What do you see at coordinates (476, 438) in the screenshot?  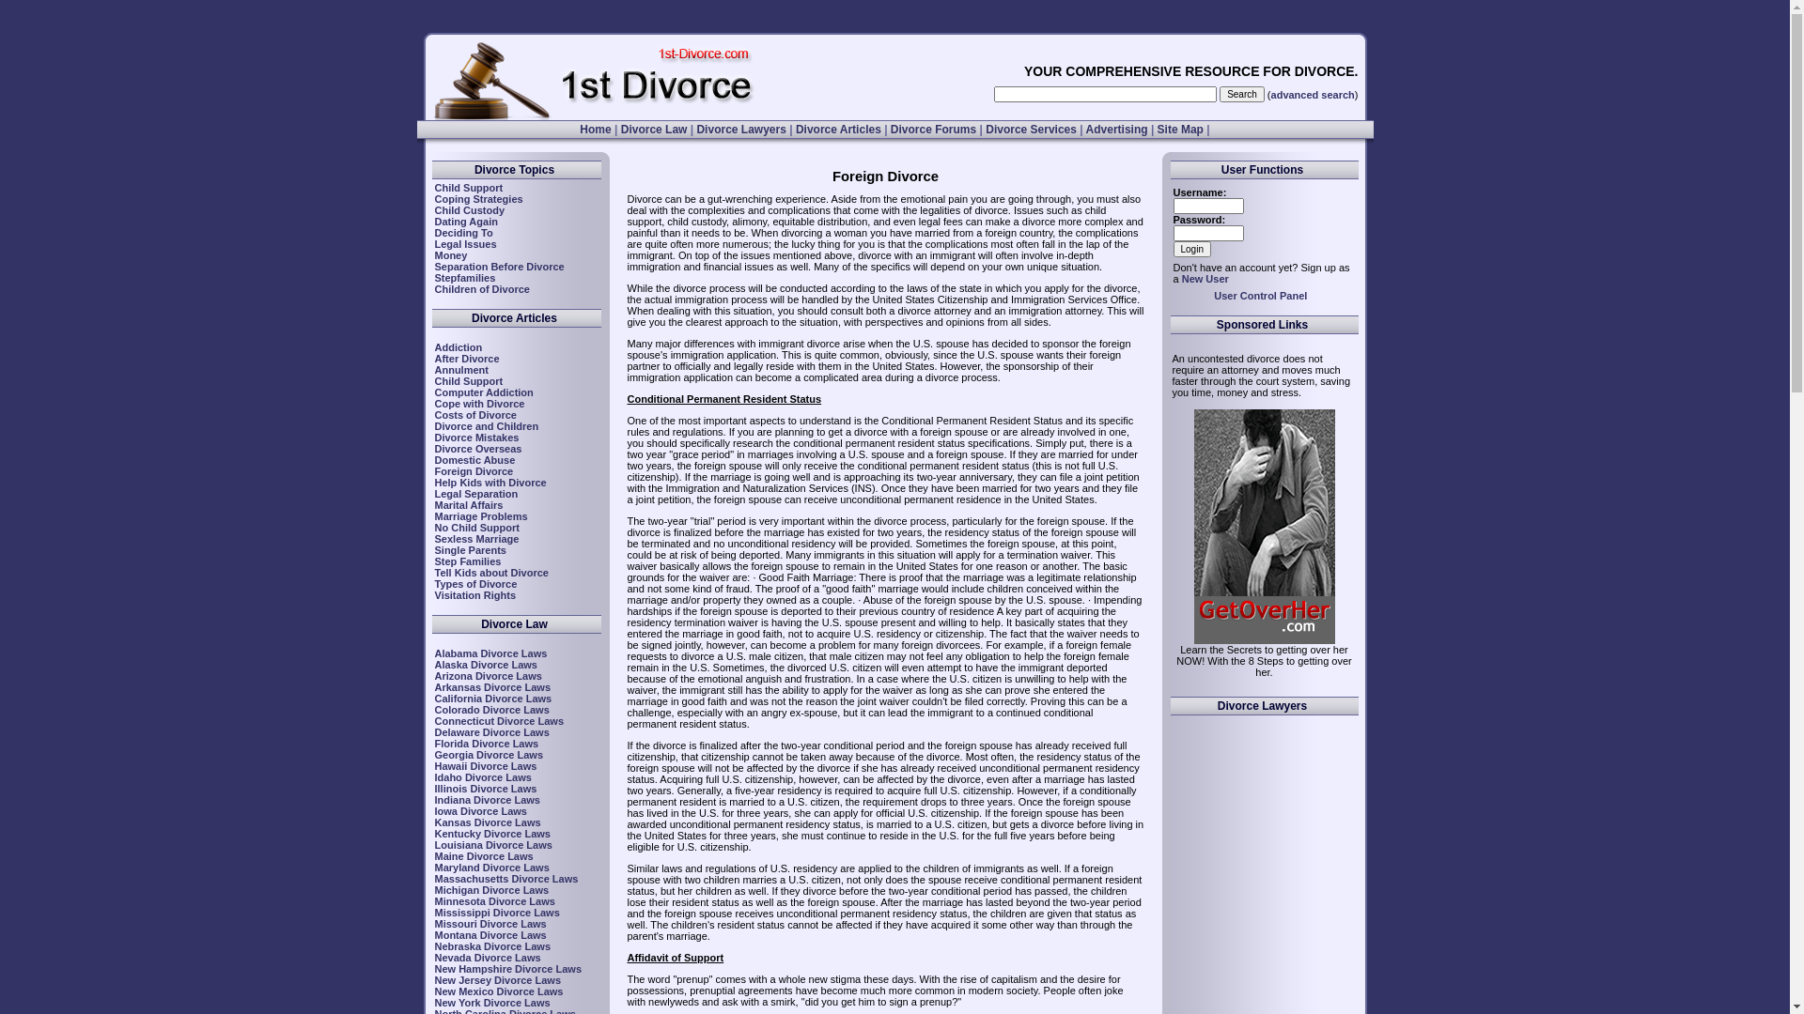 I see `'Divorce Mistakes'` at bounding box center [476, 438].